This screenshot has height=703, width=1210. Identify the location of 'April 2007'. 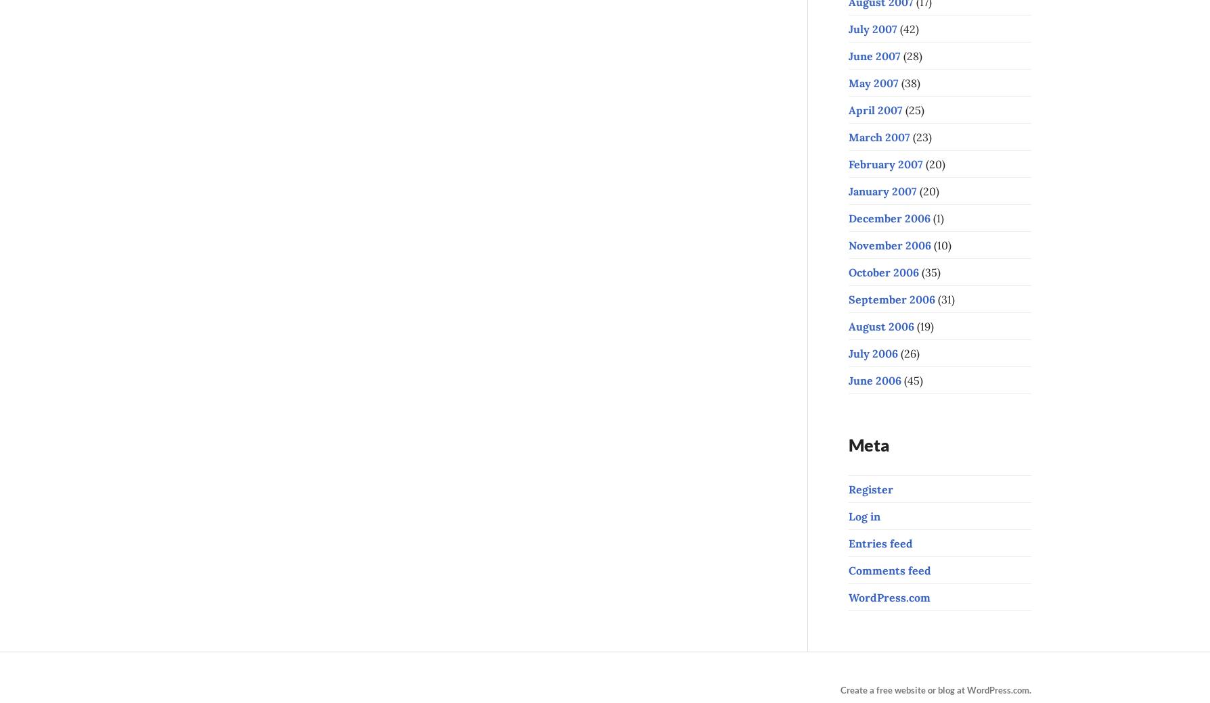
(874, 110).